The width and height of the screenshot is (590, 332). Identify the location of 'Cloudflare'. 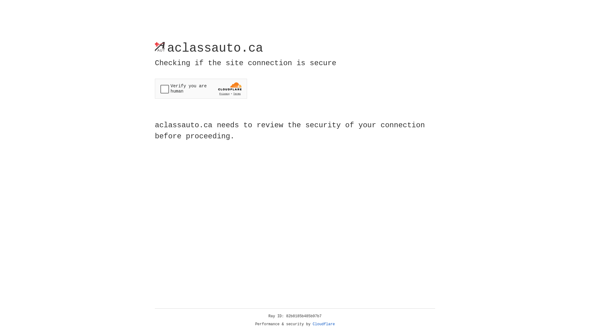
(324, 324).